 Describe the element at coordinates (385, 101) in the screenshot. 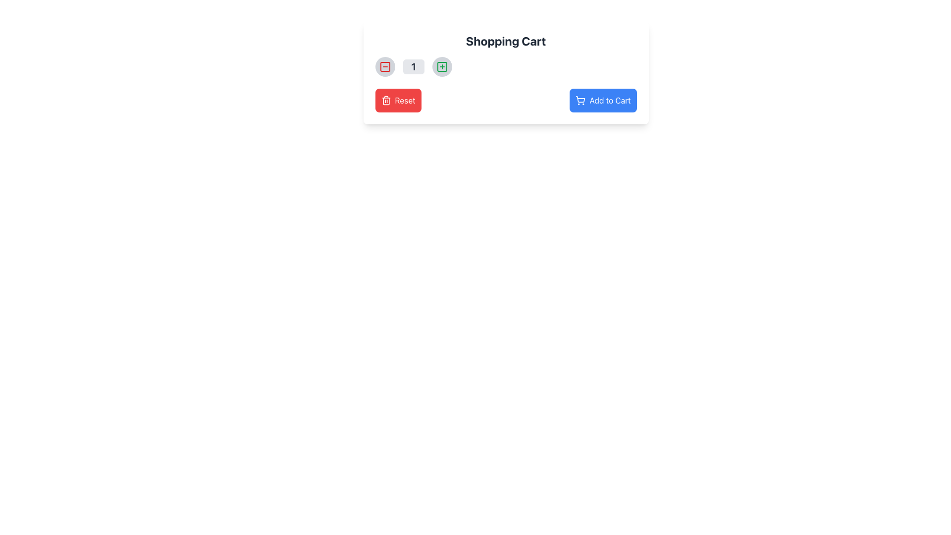

I see `the 'Reset' button icon, which has a red background and is located in the bottom-left corner of the 'Shopping Cart' card` at that location.